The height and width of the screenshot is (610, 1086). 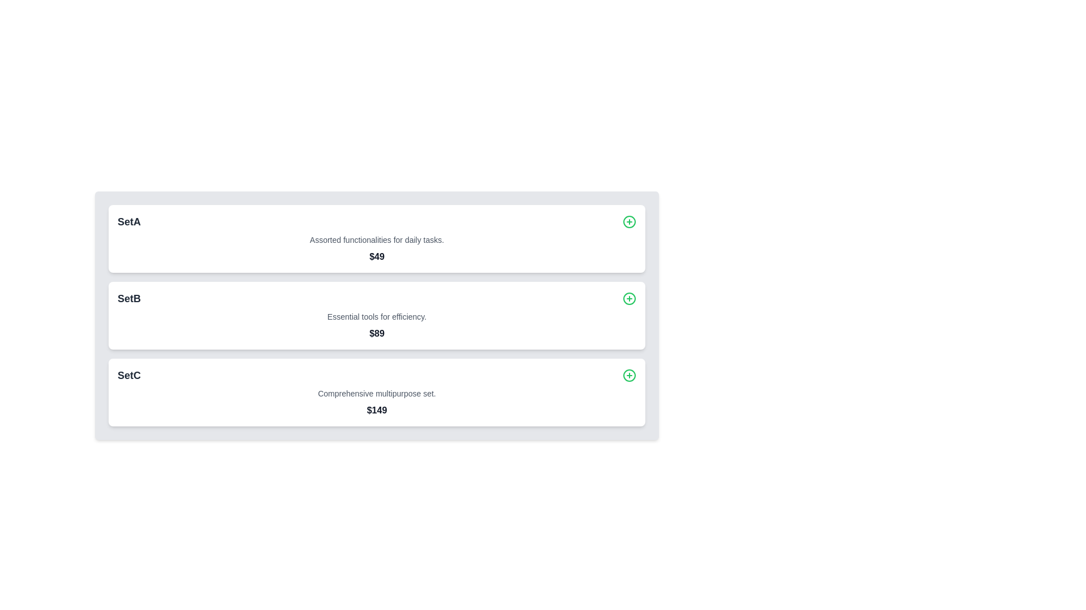 What do you see at coordinates (629, 298) in the screenshot?
I see `the action trigger button located at the far right of the 'SetB' section` at bounding box center [629, 298].